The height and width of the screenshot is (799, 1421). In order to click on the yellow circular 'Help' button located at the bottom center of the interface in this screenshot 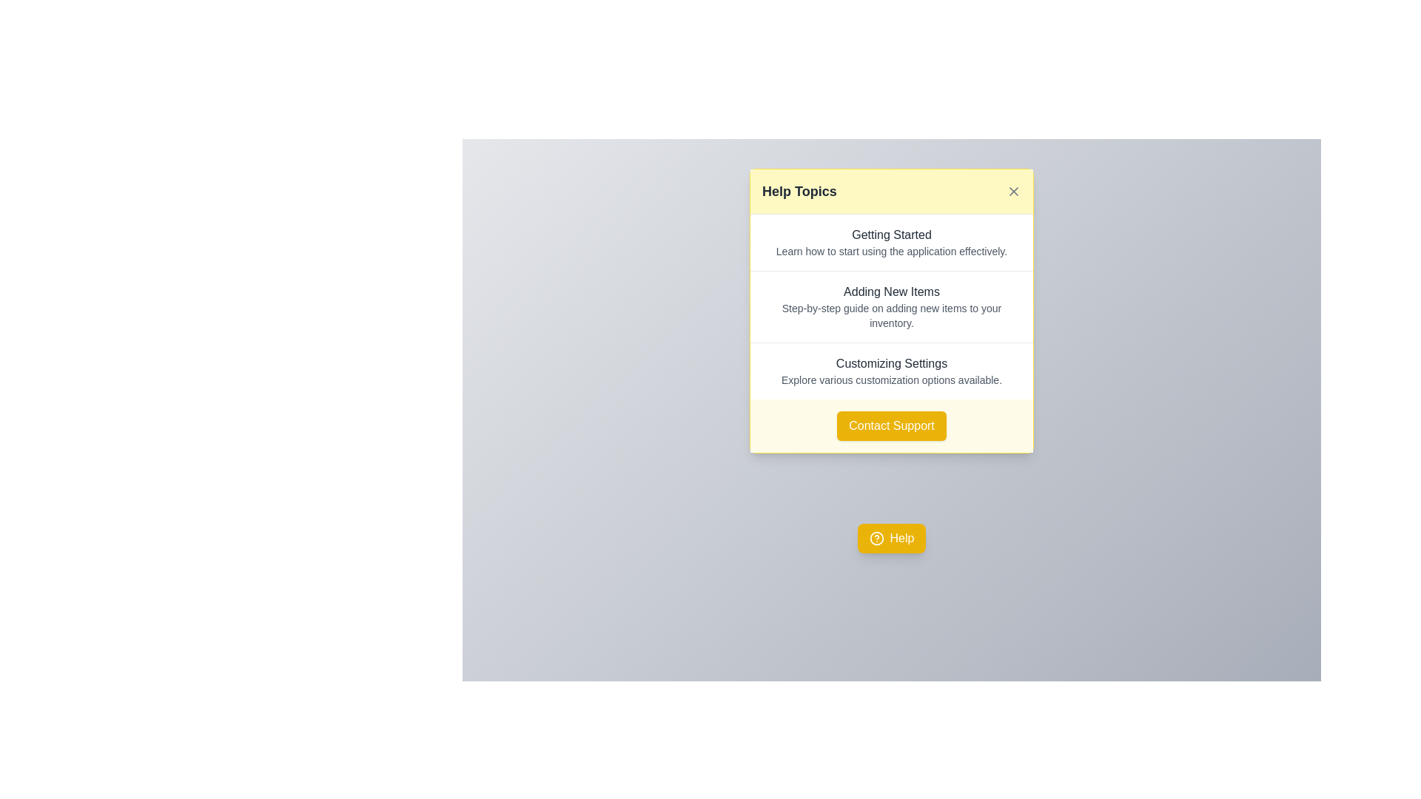, I will do `click(876, 539)`.